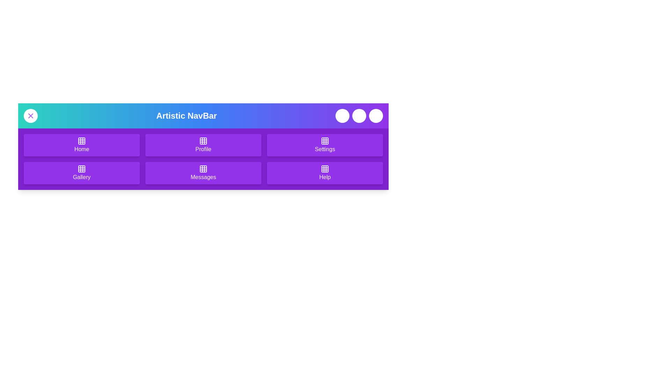 The height and width of the screenshot is (377, 671). What do you see at coordinates (203, 173) in the screenshot?
I see `the navigation item labeled Messages` at bounding box center [203, 173].